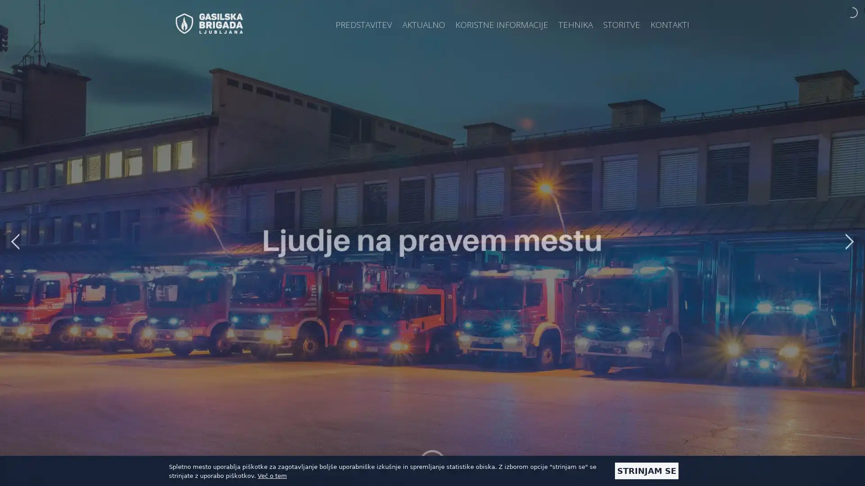 The image size is (865, 486). What do you see at coordinates (646, 470) in the screenshot?
I see `STRINJAM SE` at bounding box center [646, 470].